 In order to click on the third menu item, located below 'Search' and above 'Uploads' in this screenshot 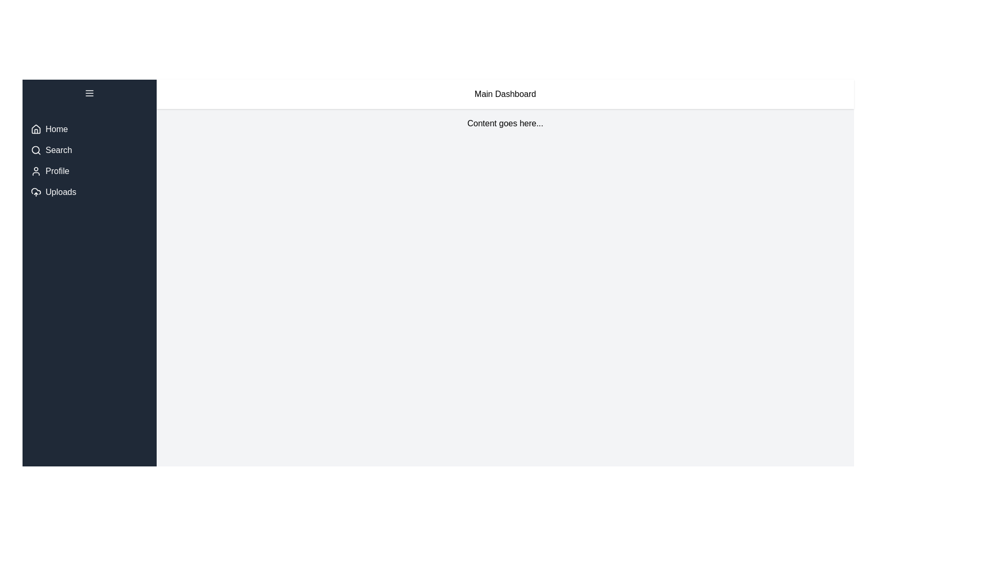, I will do `click(90, 171)`.